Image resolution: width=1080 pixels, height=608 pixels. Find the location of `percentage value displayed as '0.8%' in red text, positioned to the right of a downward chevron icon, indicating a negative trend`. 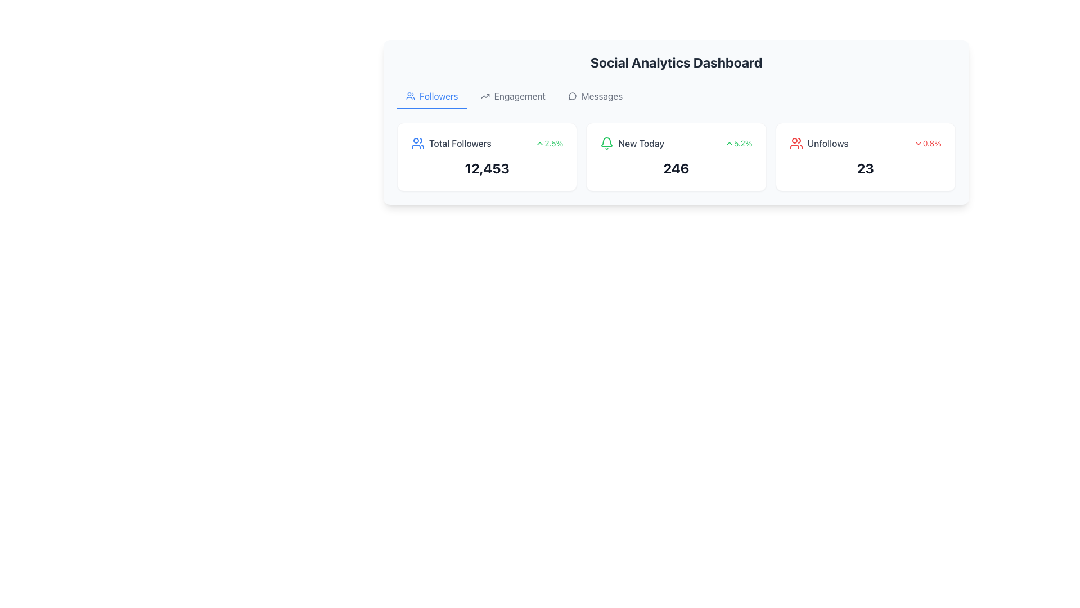

percentage value displayed as '0.8%' in red text, positioned to the right of a downward chevron icon, indicating a negative trend is located at coordinates (932, 142).